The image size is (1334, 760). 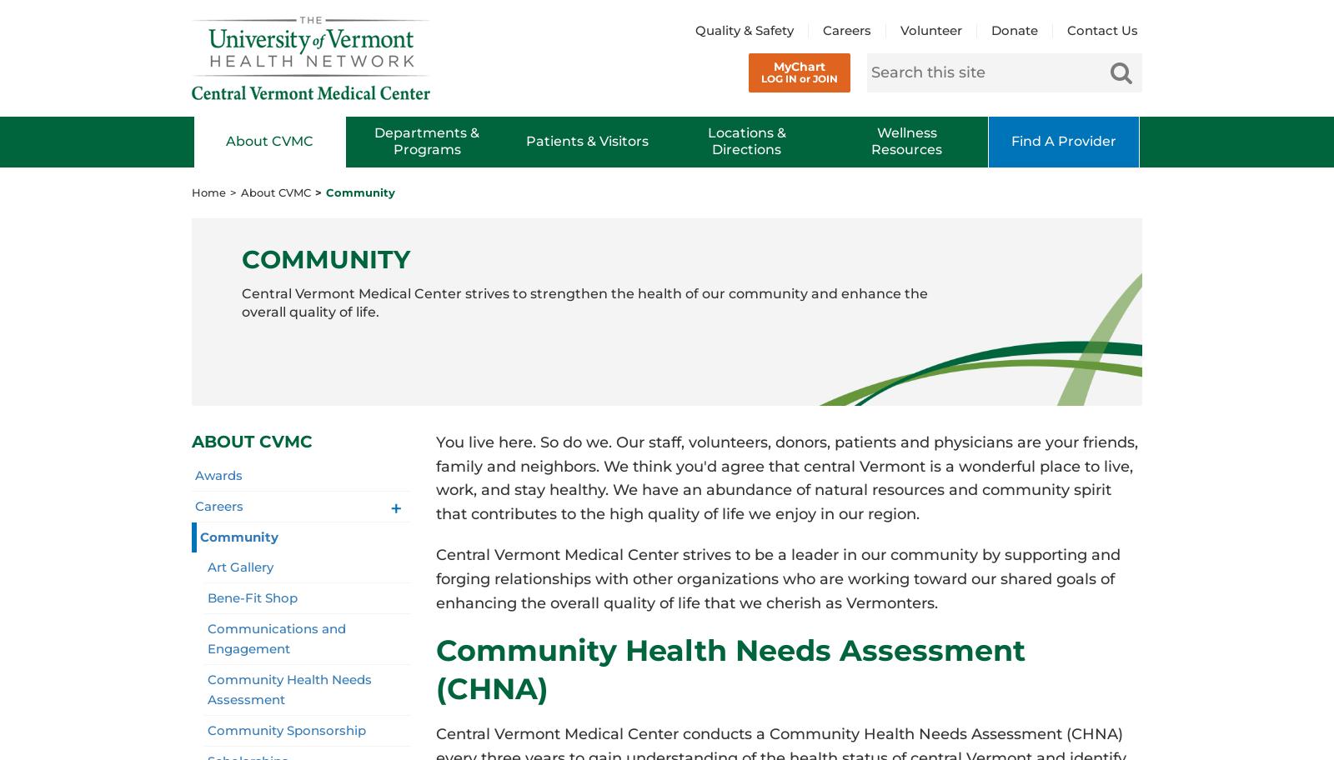 I want to click on 'Central Vermont Medical Center strives to be a leader in our community by supporting and forging relationships with other organizations who are working toward our shared goals of enhancing the overall quality of life that we cherish as Vermonters.', so click(x=776, y=578).